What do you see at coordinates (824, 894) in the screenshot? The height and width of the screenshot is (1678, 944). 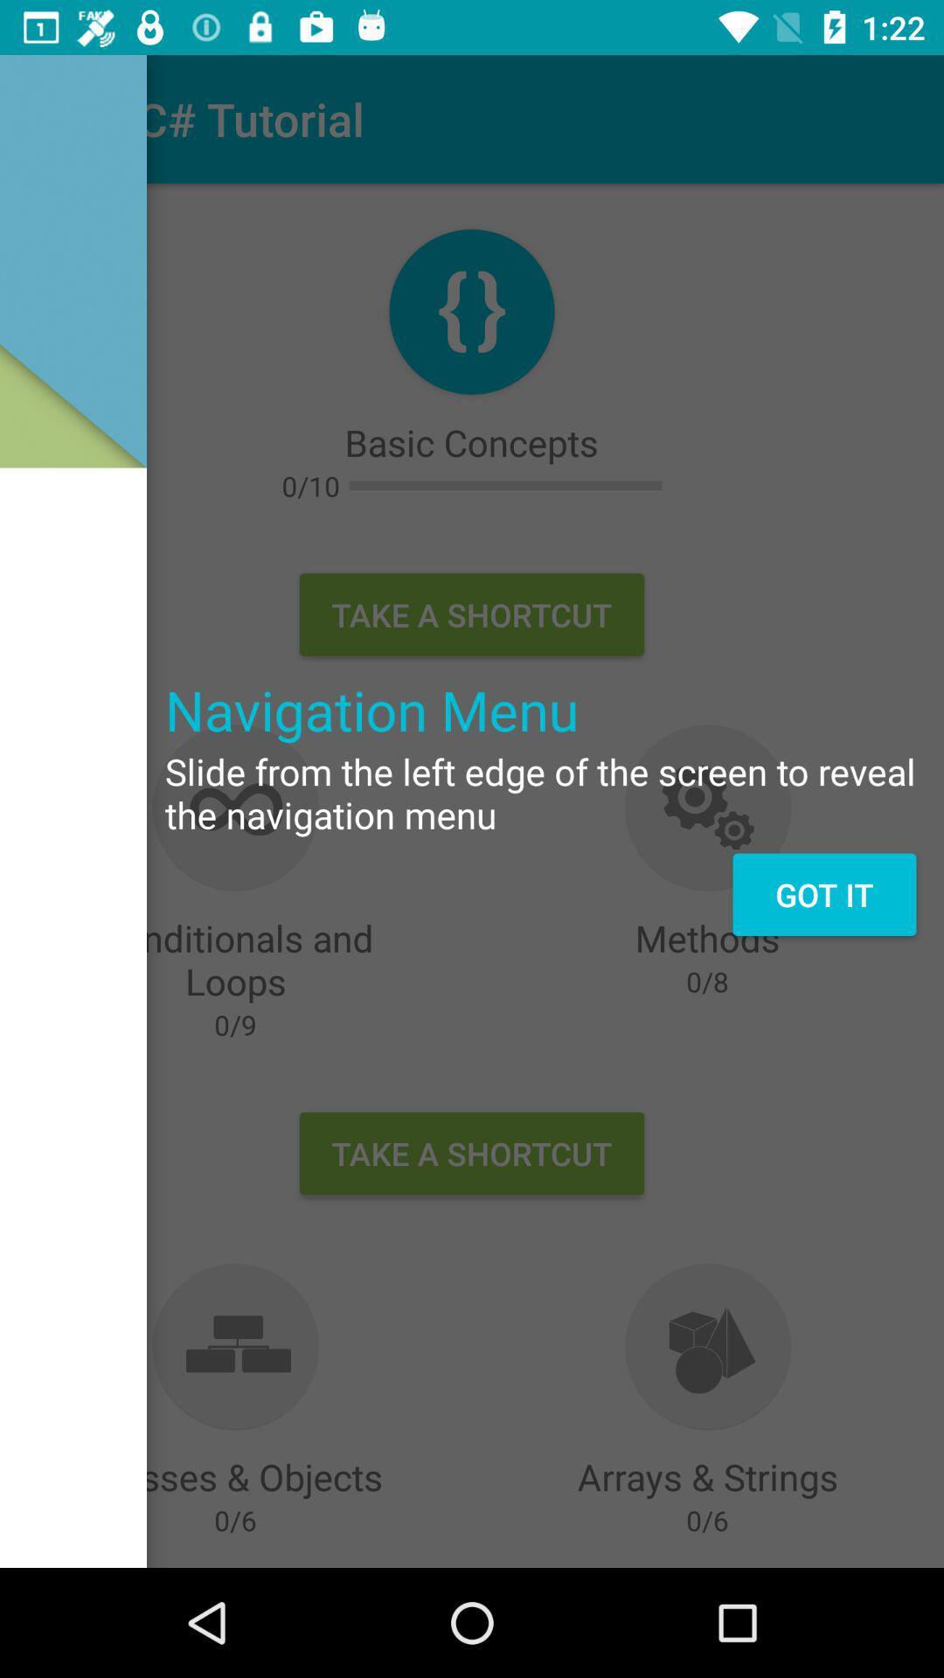 I see `item below slide from the` at bounding box center [824, 894].